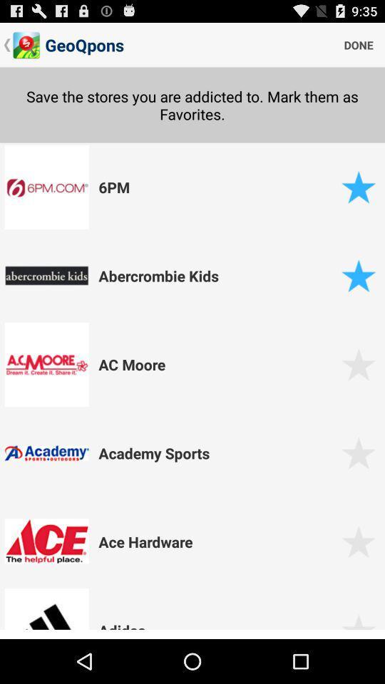 The image size is (385, 684). Describe the element at coordinates (358, 363) in the screenshot. I see `favourite selection` at that location.